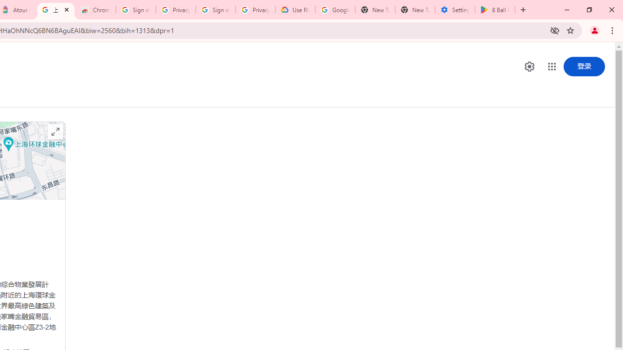 Image resolution: width=623 pixels, height=350 pixels. Describe the element at coordinates (96, 10) in the screenshot. I see `'Chrome Web Store - Color themes by Chrome'` at that location.